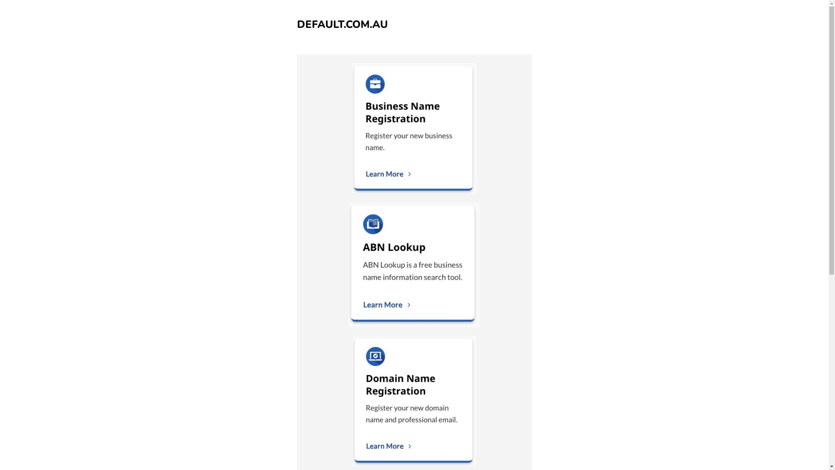 The width and height of the screenshot is (835, 470). What do you see at coordinates (341, 24) in the screenshot?
I see `'DEFAULT.COM.AU'` at bounding box center [341, 24].